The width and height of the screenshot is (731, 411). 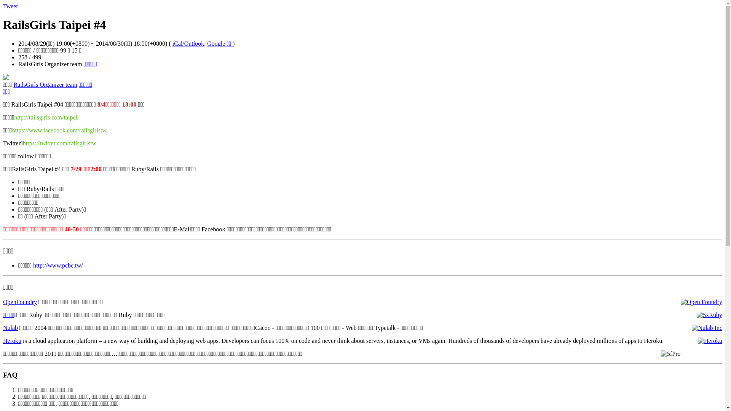 What do you see at coordinates (10, 327) in the screenshot?
I see `'Nulab'` at bounding box center [10, 327].